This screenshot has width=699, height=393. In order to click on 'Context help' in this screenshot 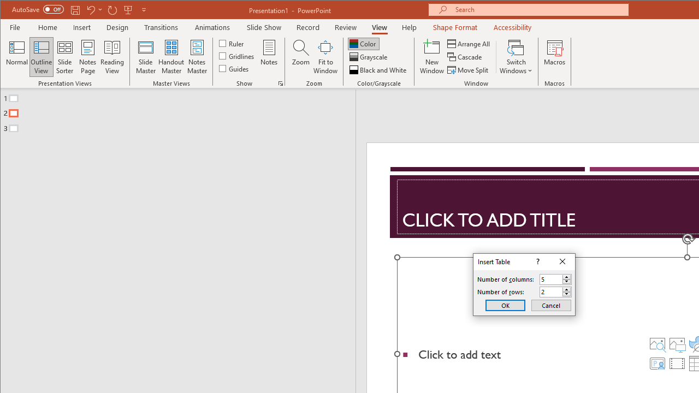, I will do `click(537, 262)`.